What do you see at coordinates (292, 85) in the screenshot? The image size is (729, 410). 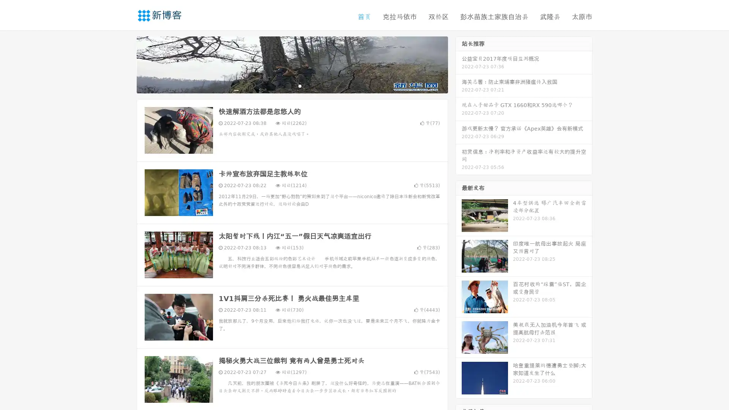 I see `Go to slide 2` at bounding box center [292, 85].